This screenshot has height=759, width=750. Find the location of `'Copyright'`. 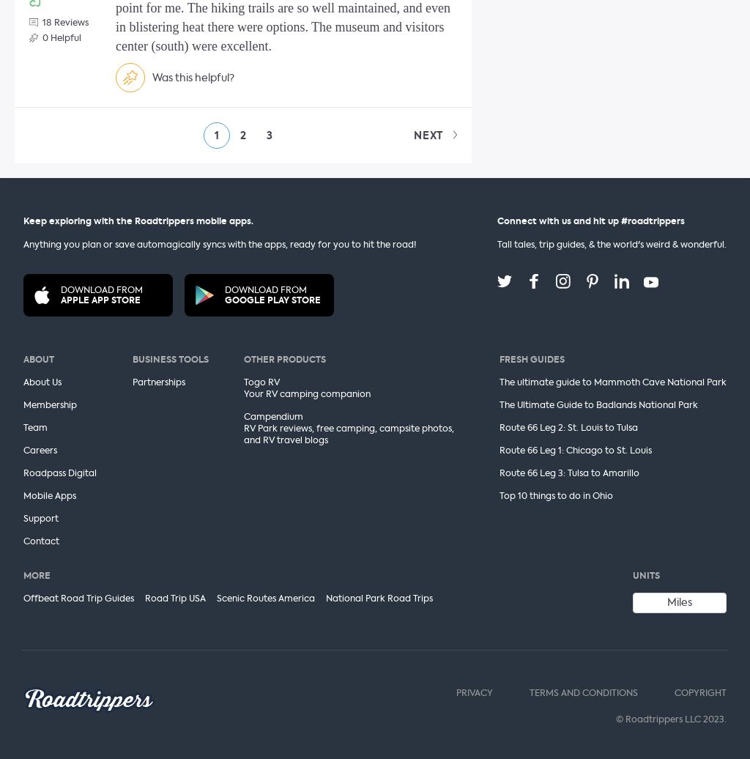

'Copyright' is located at coordinates (700, 692).